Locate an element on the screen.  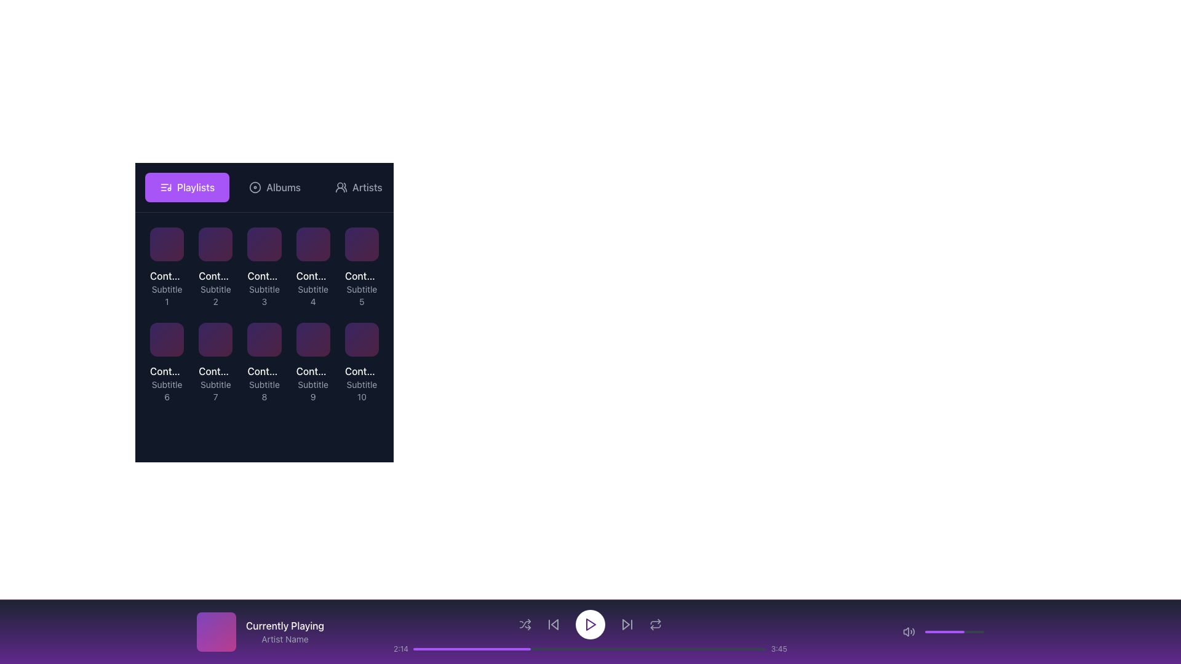
the 'Albums' button, which is the second button in a row of four buttons (Playlists, Albums, Artists, Songs) located near the top of the interface is located at coordinates (274, 187).